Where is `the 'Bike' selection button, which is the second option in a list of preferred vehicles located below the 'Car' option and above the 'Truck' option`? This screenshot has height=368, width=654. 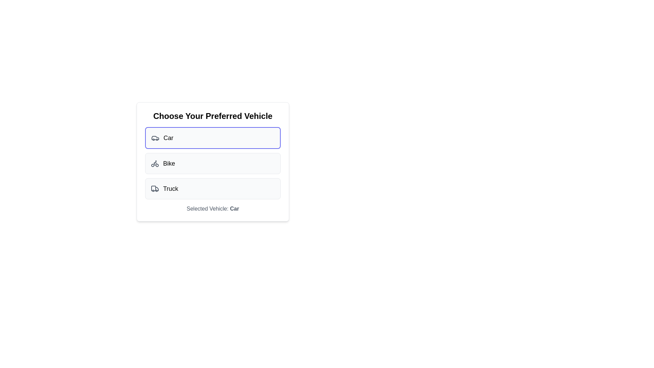
the 'Bike' selection button, which is the second option in a list of preferred vehicles located below the 'Car' option and above the 'Truck' option is located at coordinates (212, 163).